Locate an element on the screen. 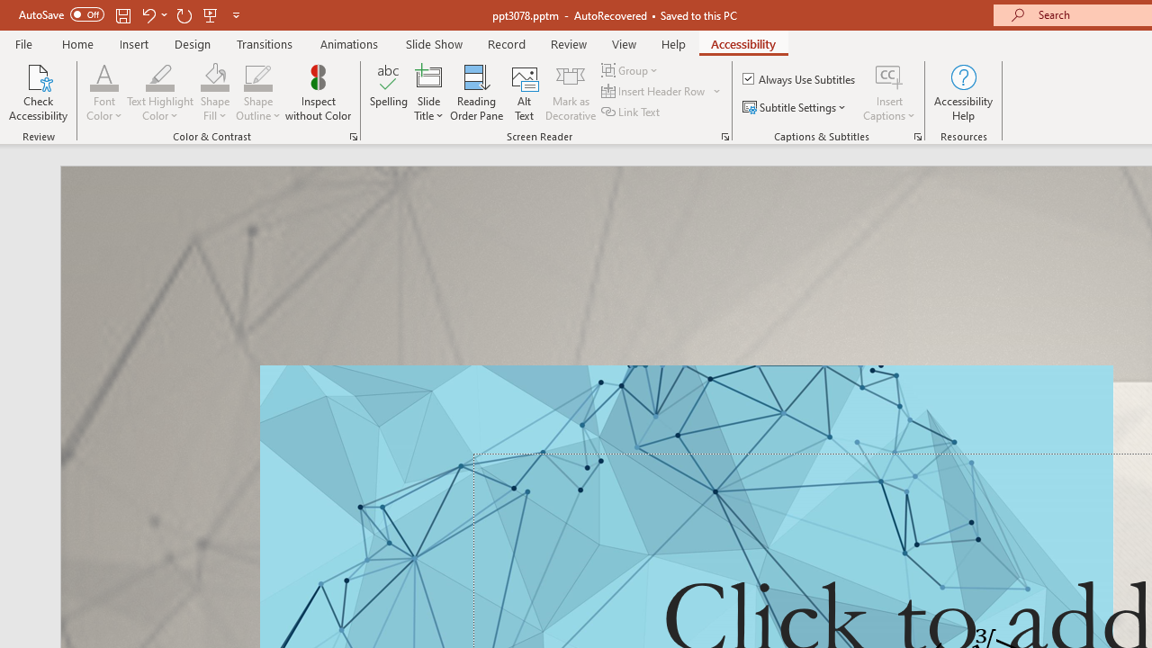 The height and width of the screenshot is (648, 1152). 'Link Text' is located at coordinates (632, 112).